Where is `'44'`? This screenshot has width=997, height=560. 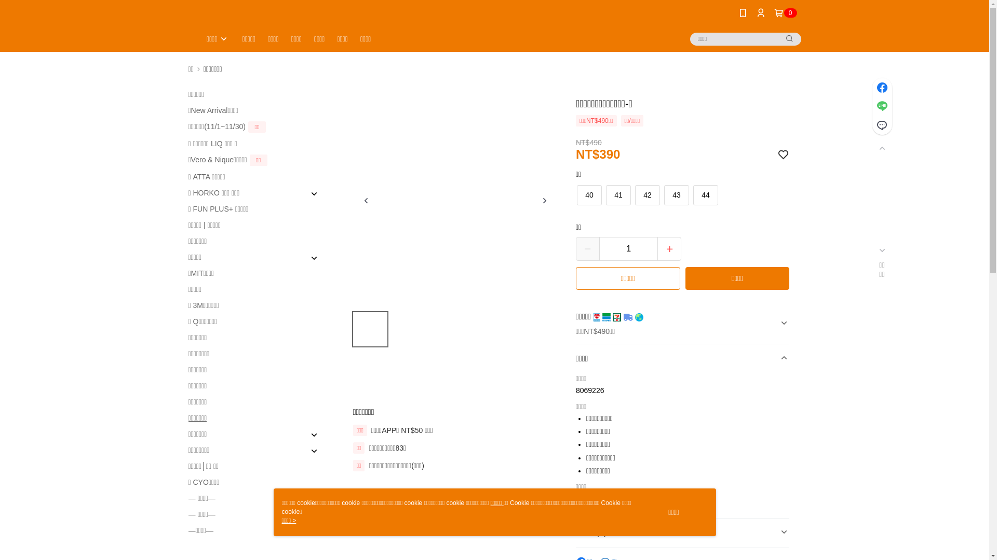 '44' is located at coordinates (705, 195).